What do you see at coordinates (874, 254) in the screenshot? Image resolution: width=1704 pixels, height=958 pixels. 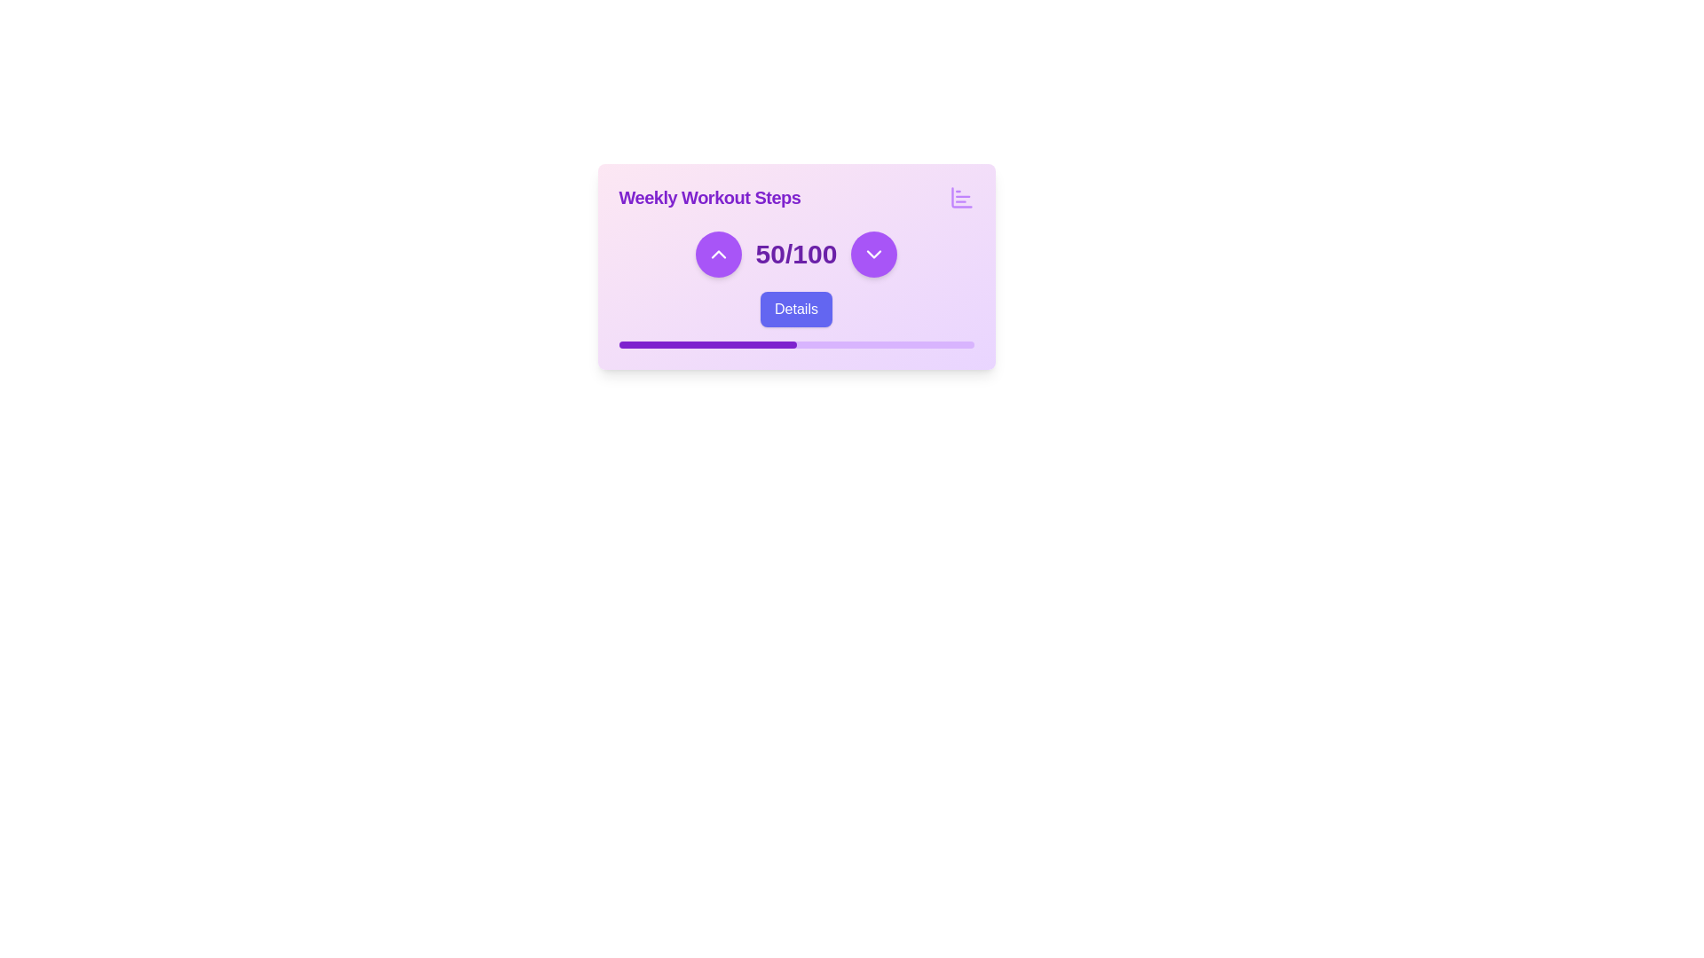 I see `the decrement button located to the right of the counter display '50/100' to observe any tooltip or visual effect` at bounding box center [874, 254].